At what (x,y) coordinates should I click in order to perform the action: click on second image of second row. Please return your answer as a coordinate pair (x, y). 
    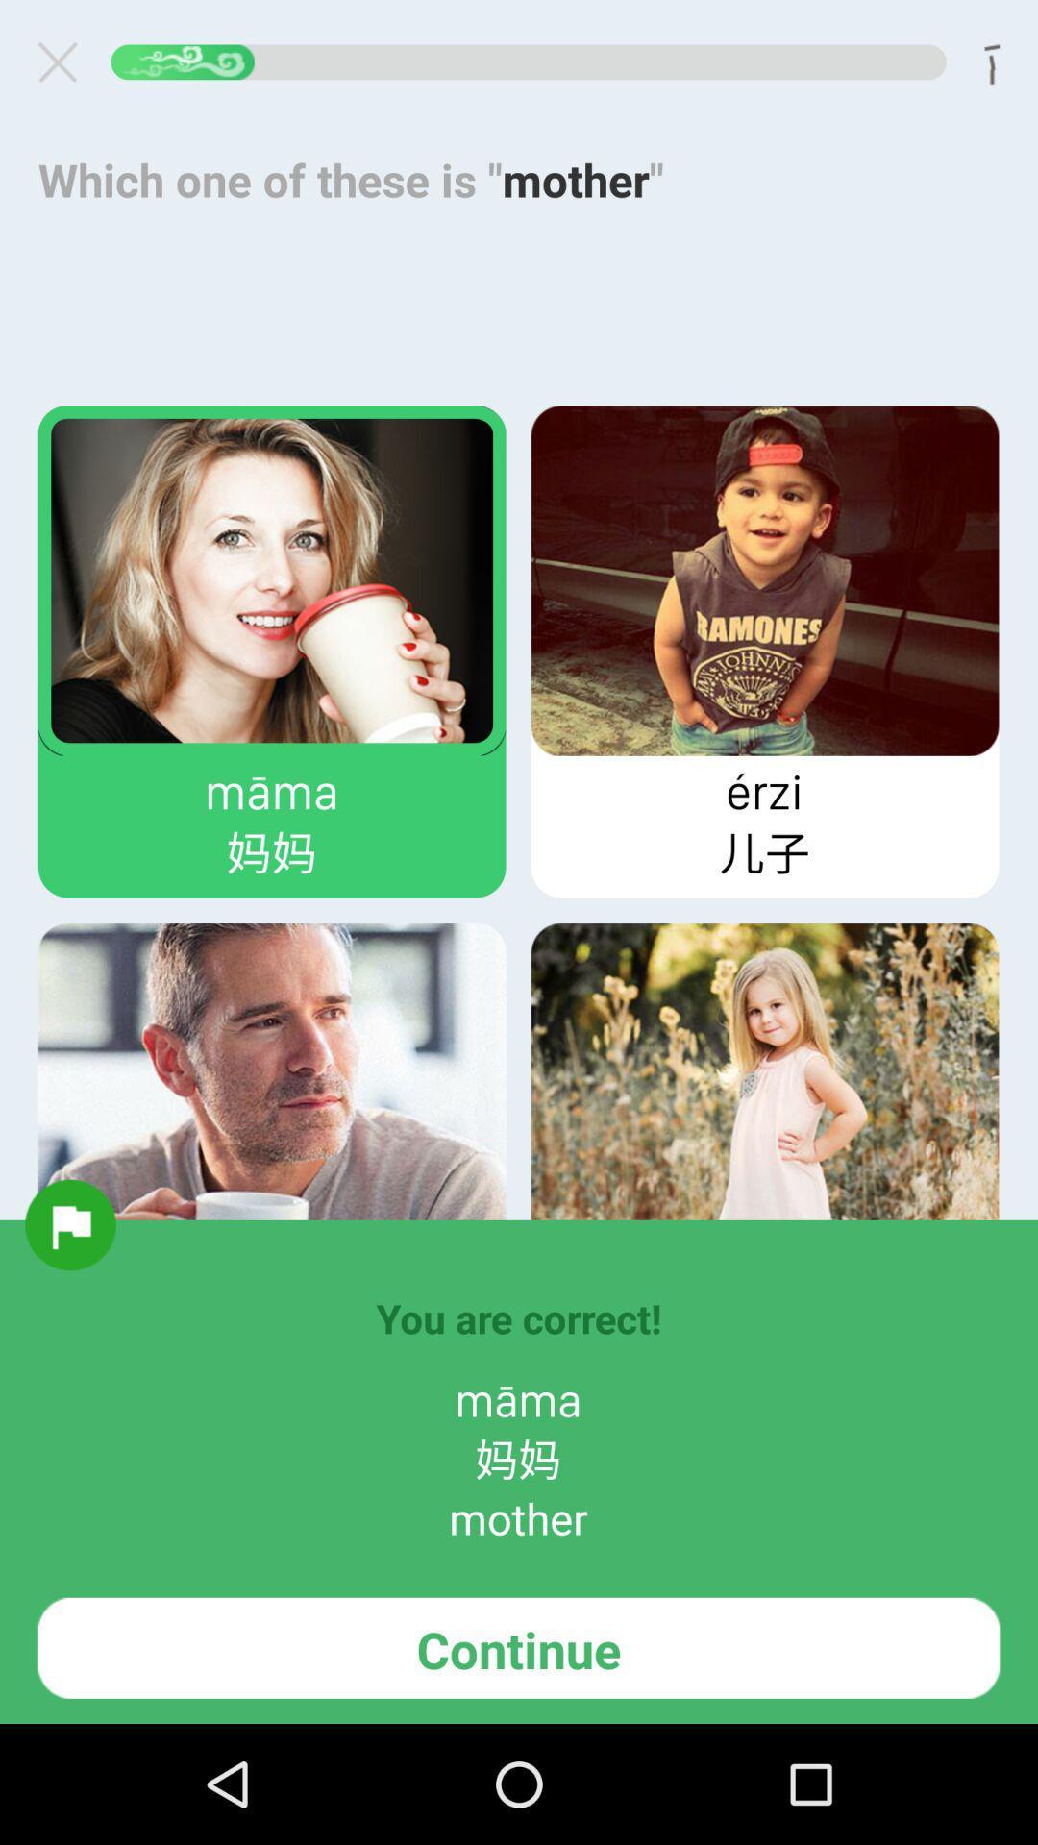
    Looking at the image, I should click on (764, 1097).